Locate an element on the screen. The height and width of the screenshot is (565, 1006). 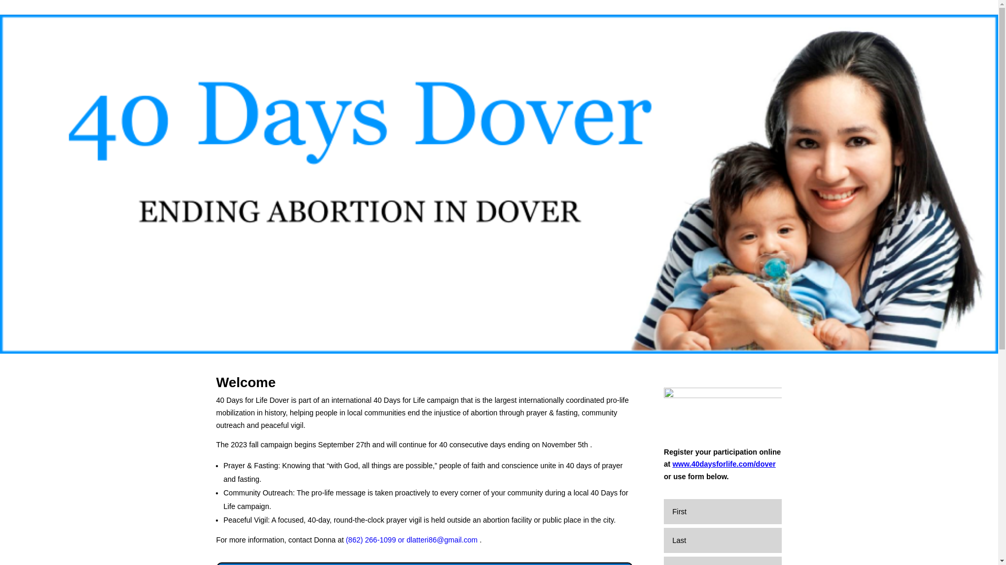
'(862) 266-1099 or dlatteri86@gmail.com' is located at coordinates (344, 540).